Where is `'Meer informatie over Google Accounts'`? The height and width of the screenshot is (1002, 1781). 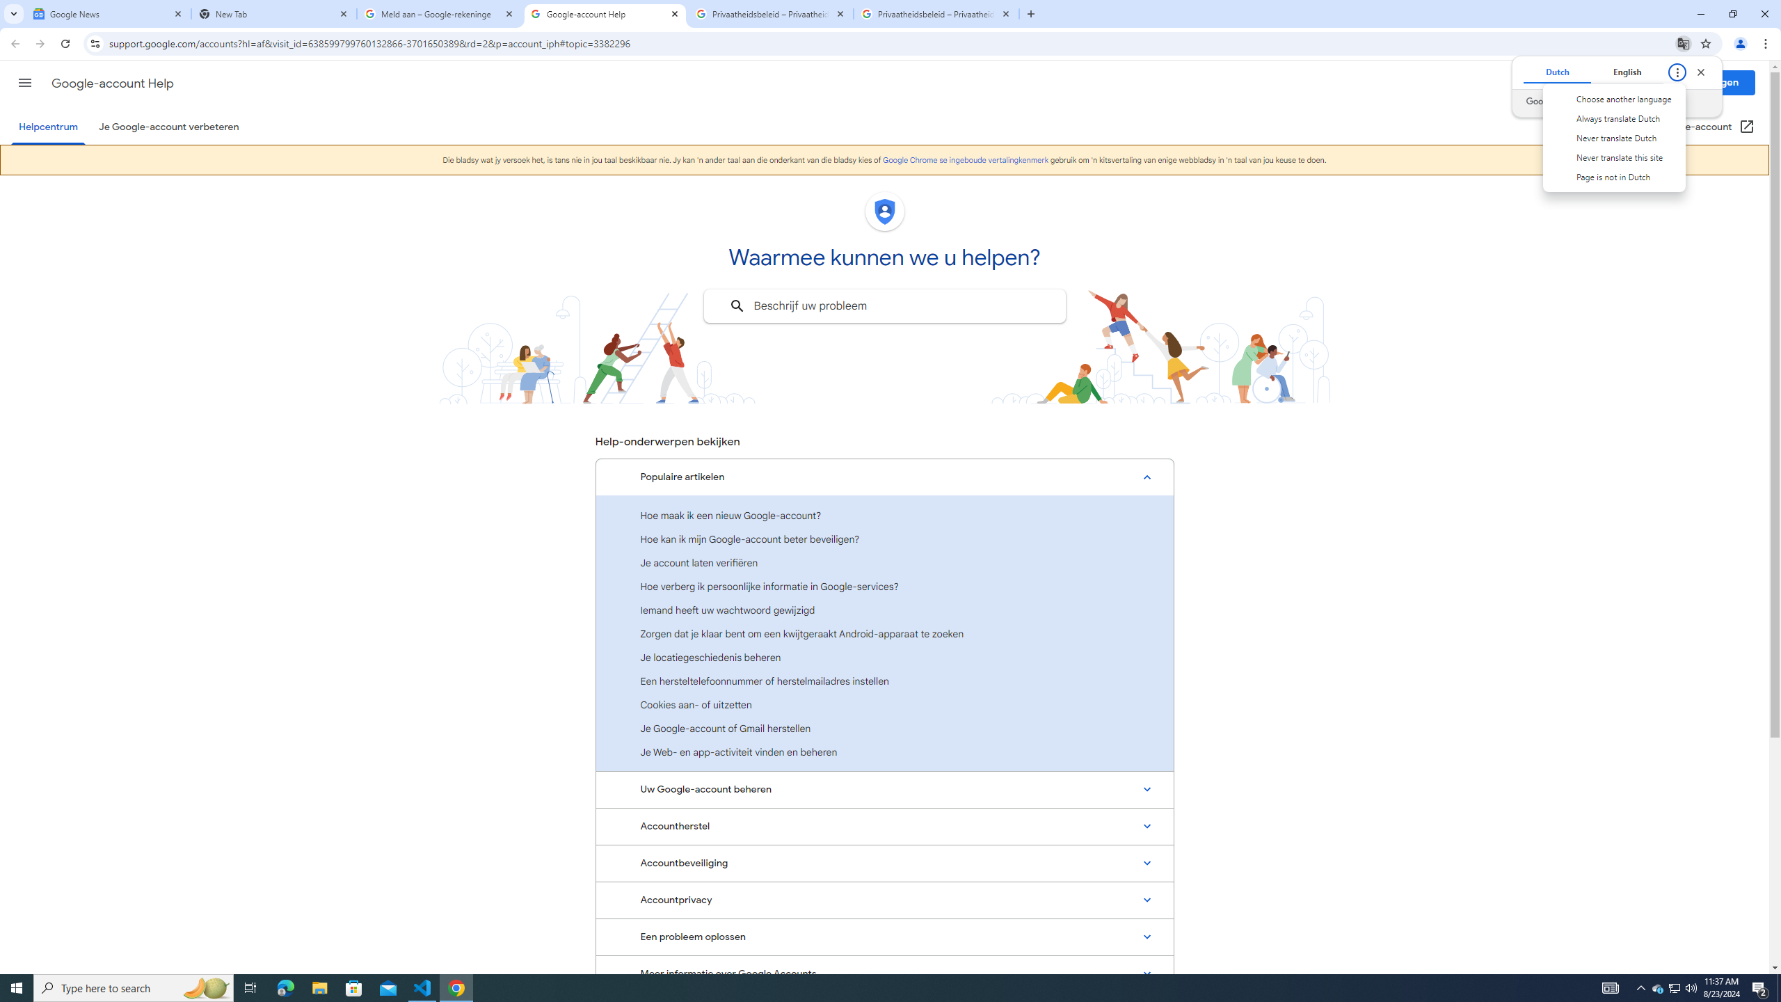 'Meer informatie over Google Accounts' is located at coordinates (884, 973).